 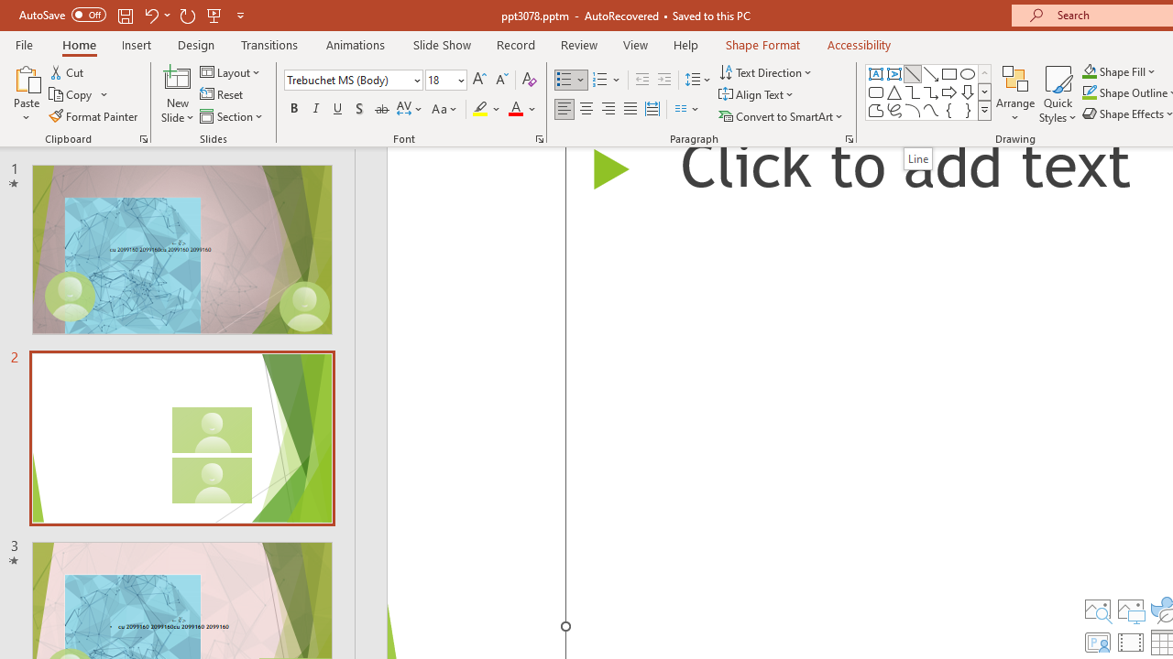 I want to click on 'Arrow: Right', so click(x=949, y=92).